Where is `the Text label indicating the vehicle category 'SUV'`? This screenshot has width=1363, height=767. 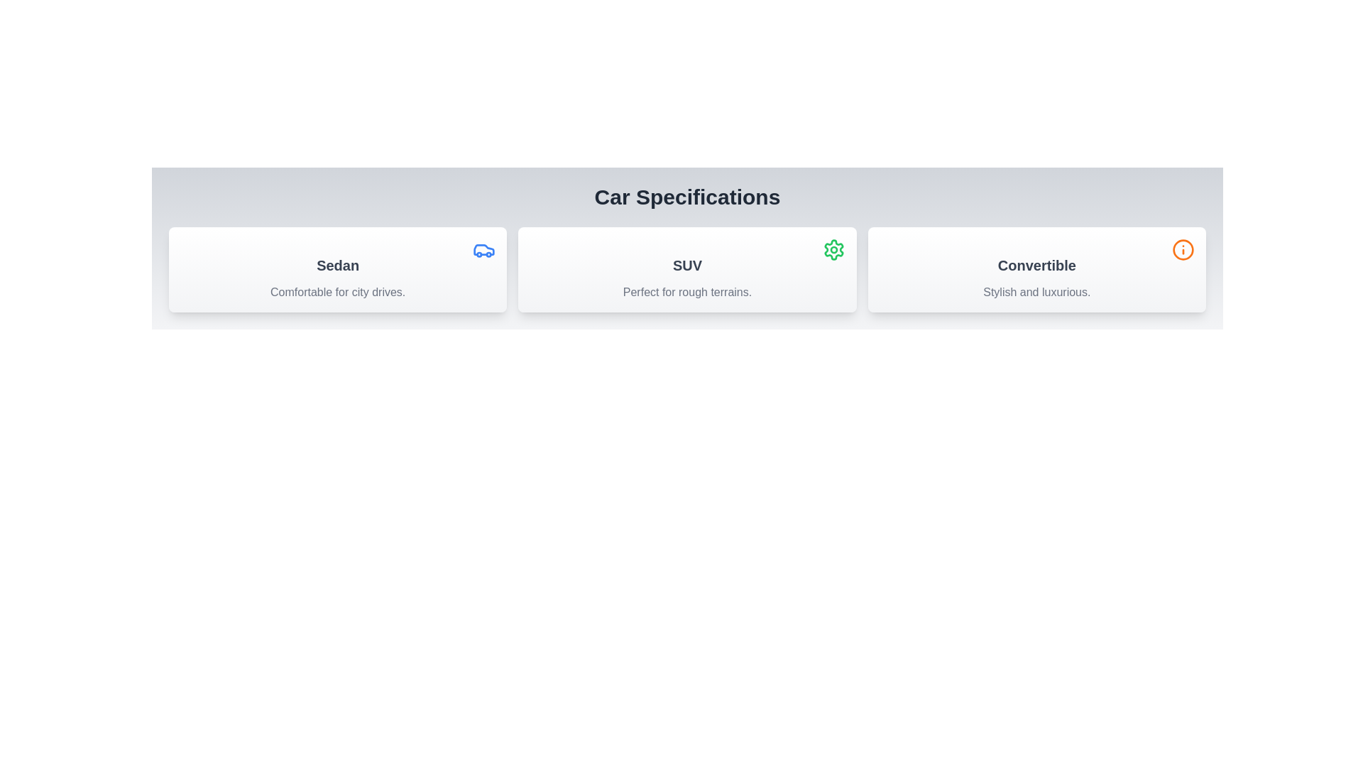 the Text label indicating the vehicle category 'SUV' is located at coordinates (687, 266).